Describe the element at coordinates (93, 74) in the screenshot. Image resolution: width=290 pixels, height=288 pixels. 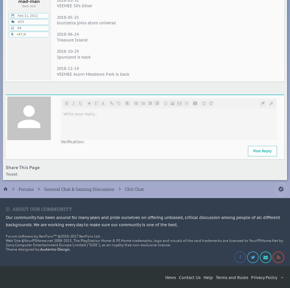
I see `'VEEMEE Acorn Meadows Park is back'` at that location.